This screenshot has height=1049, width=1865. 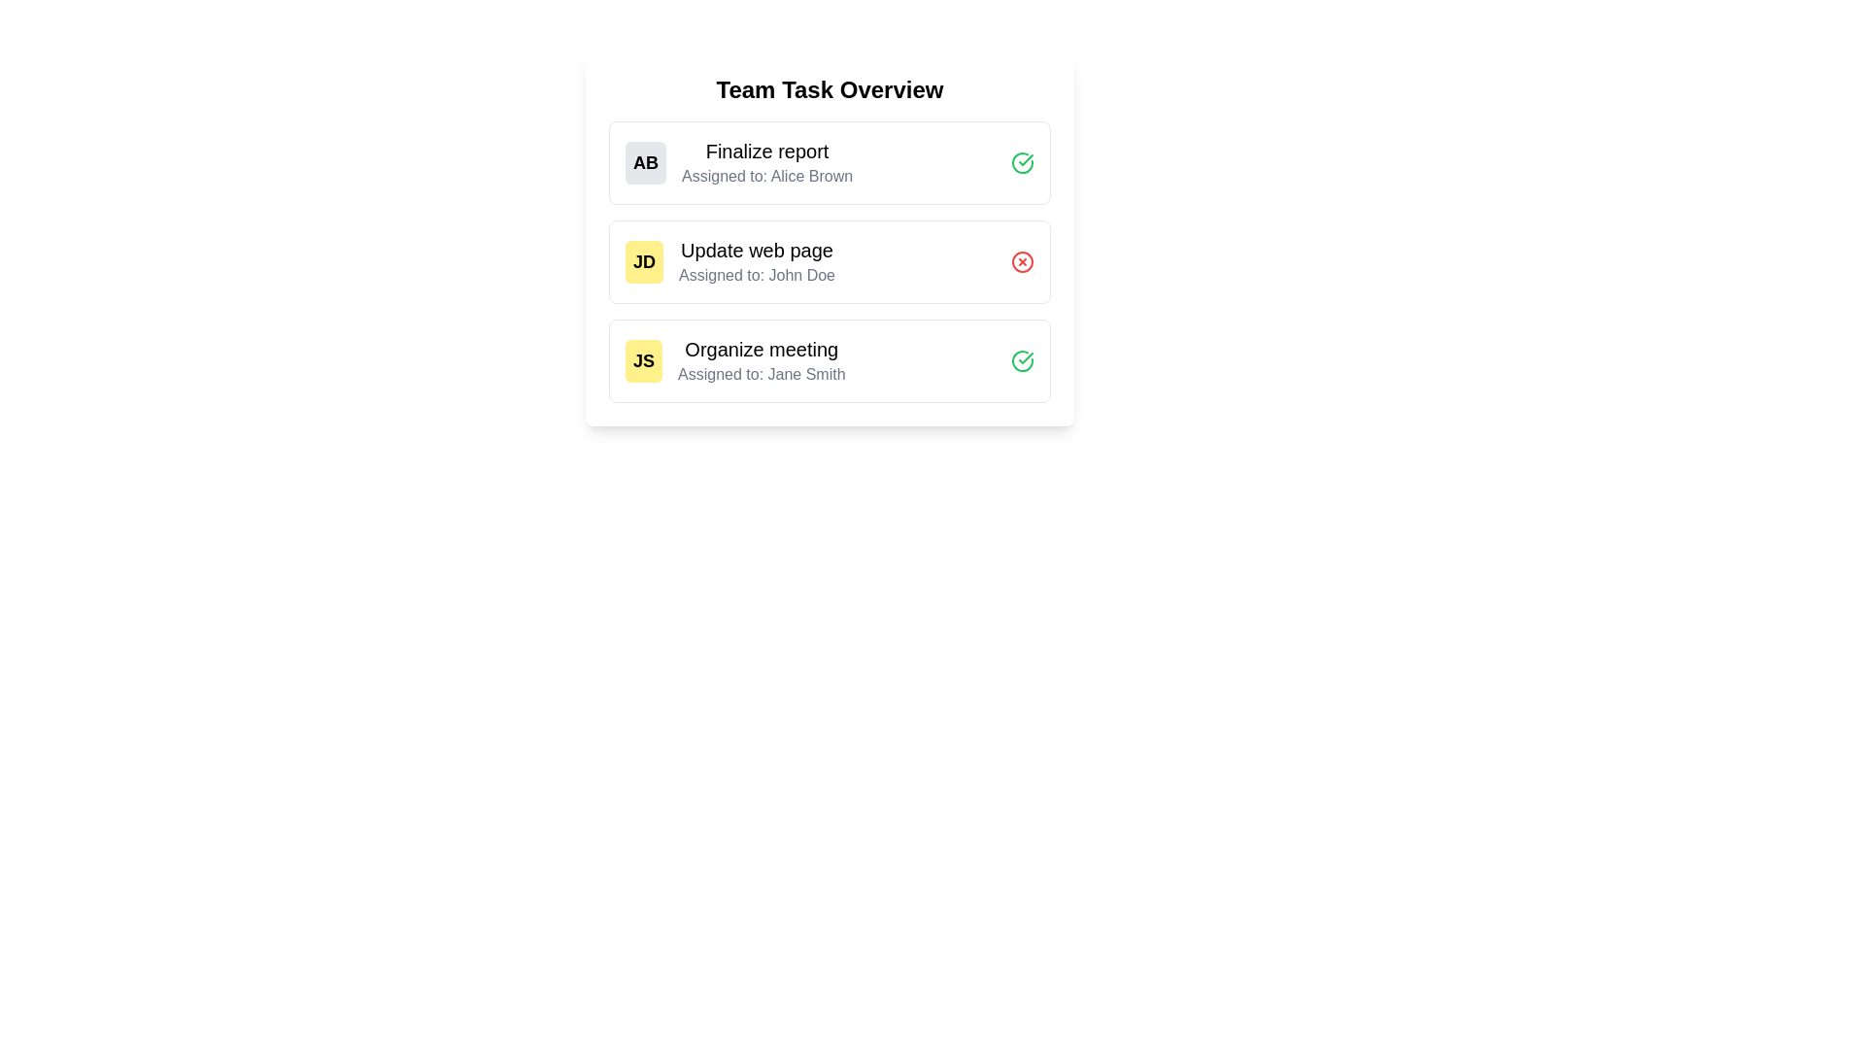 I want to click on the structured task item, which is the bottom-most task in the task list, displaying its title and assignee details, so click(x=734, y=360).